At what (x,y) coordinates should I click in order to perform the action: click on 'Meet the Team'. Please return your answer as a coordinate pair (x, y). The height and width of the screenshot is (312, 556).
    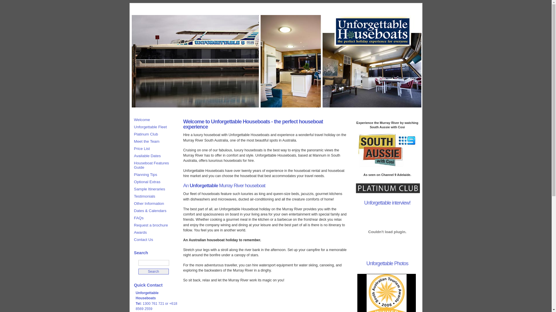
    Looking at the image, I should click on (155, 141).